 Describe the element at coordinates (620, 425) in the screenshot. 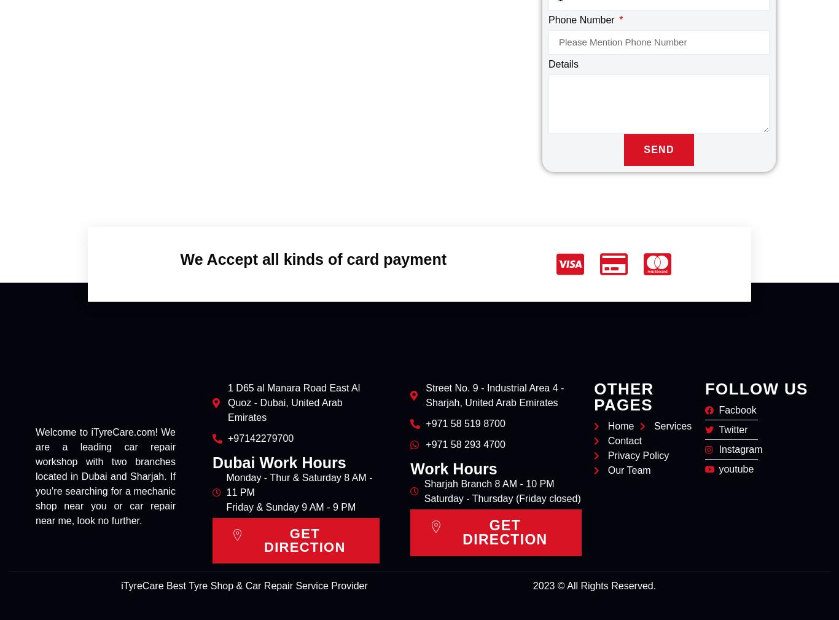

I see `'Home'` at that location.